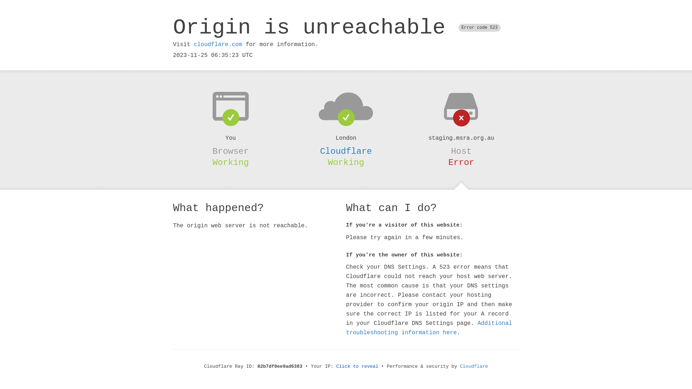 Image resolution: width=692 pixels, height=389 pixels. What do you see at coordinates (217, 44) in the screenshot?
I see `'cloudflare.com'` at bounding box center [217, 44].